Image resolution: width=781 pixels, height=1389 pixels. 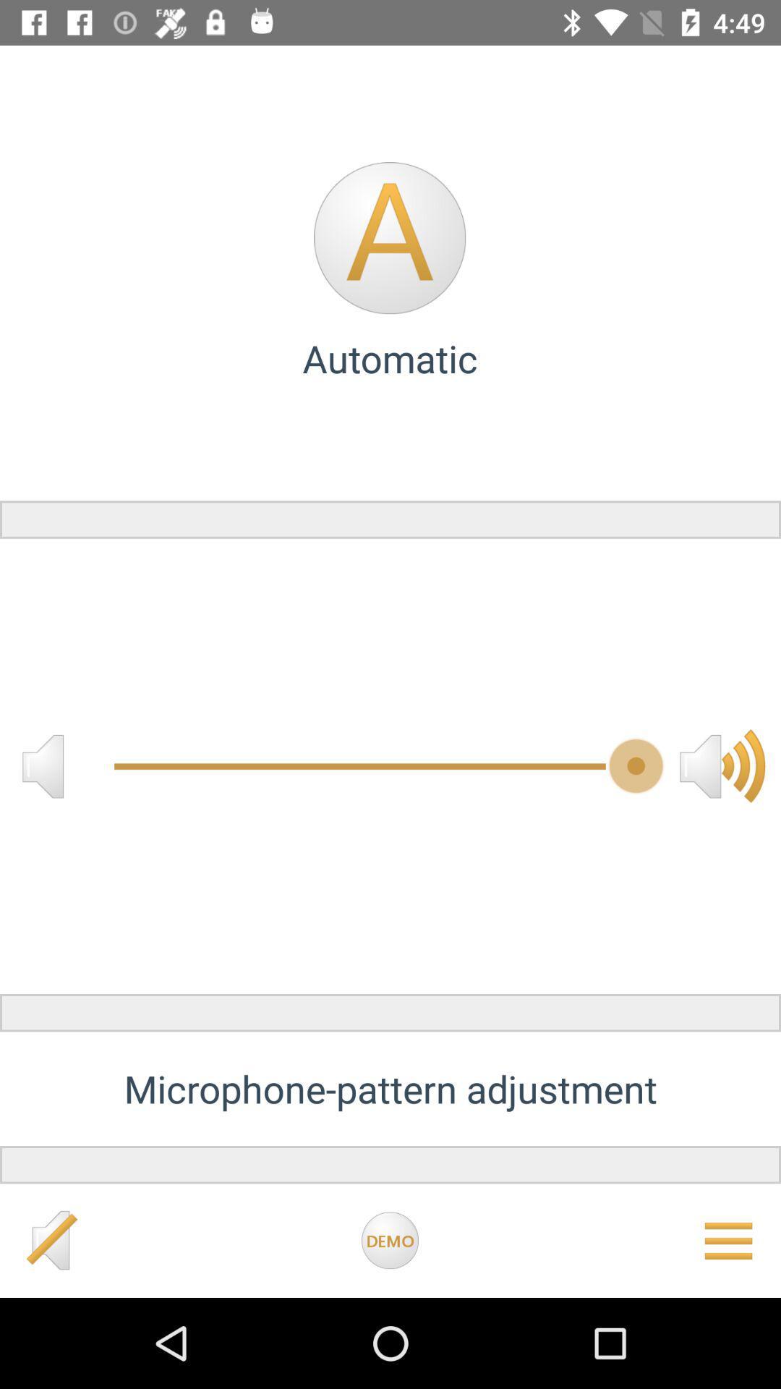 I want to click on the menu icon, so click(x=728, y=1240).